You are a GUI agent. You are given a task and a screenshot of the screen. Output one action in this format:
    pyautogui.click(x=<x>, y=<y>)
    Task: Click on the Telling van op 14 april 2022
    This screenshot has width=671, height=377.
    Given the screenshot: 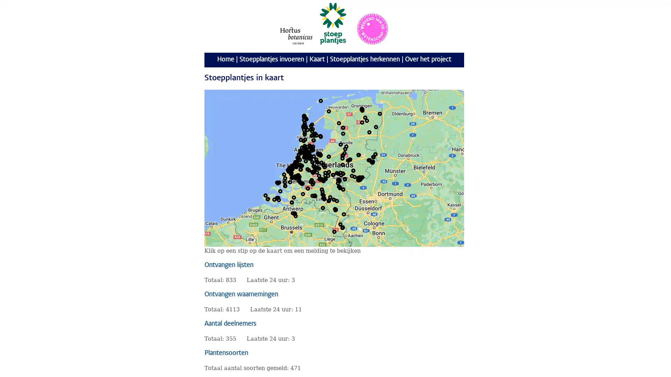 What is the action you would take?
    pyautogui.click(x=320, y=155)
    